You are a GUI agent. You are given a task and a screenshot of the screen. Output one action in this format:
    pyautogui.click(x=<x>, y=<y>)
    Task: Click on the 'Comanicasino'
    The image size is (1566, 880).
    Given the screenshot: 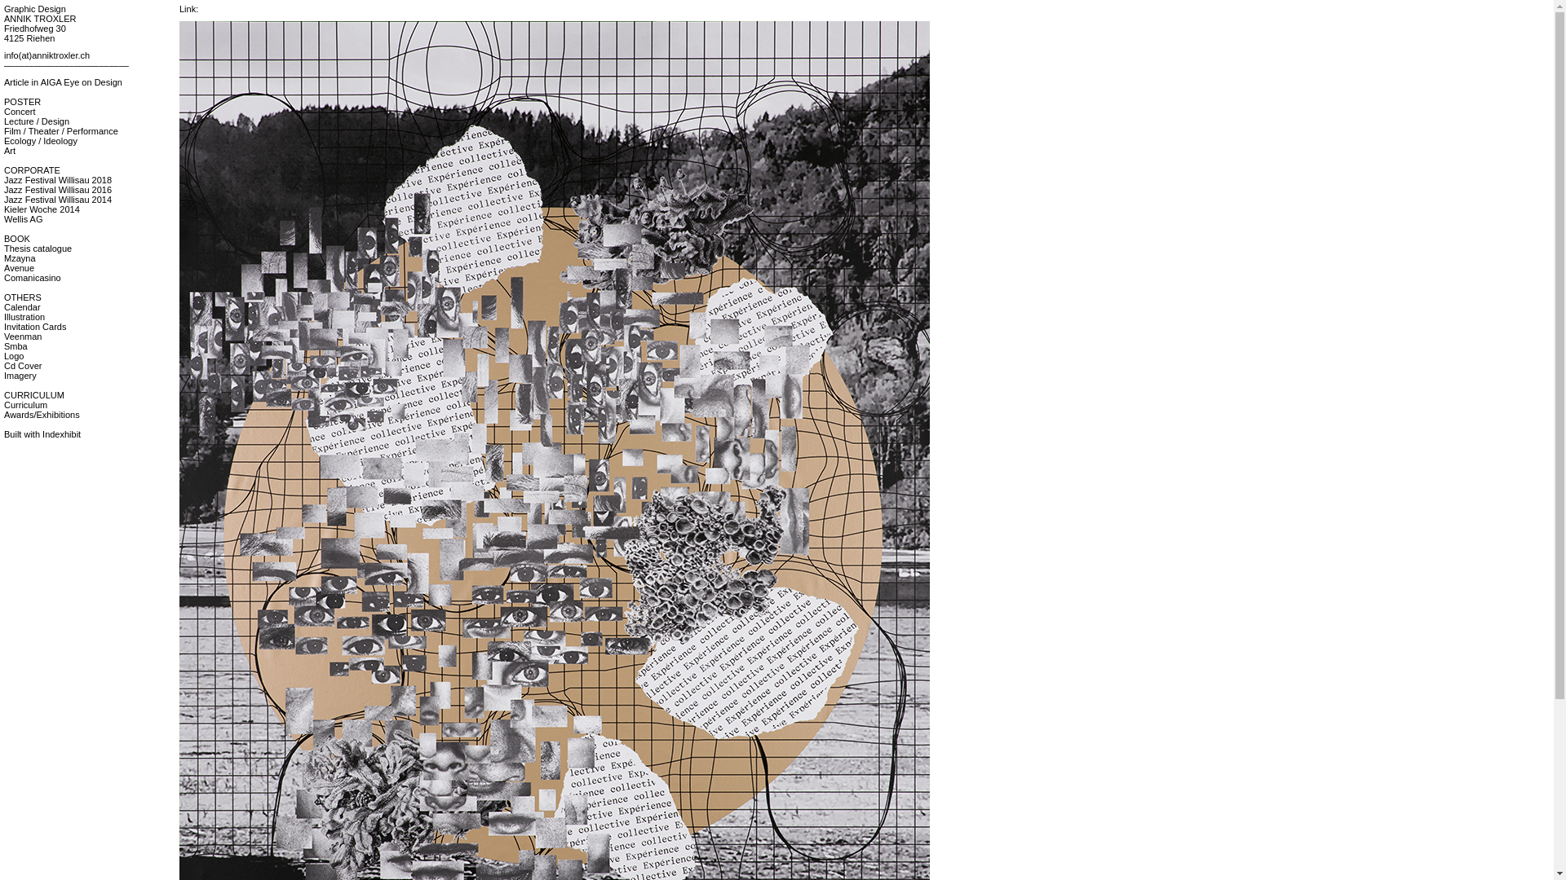 What is the action you would take?
    pyautogui.click(x=32, y=276)
    